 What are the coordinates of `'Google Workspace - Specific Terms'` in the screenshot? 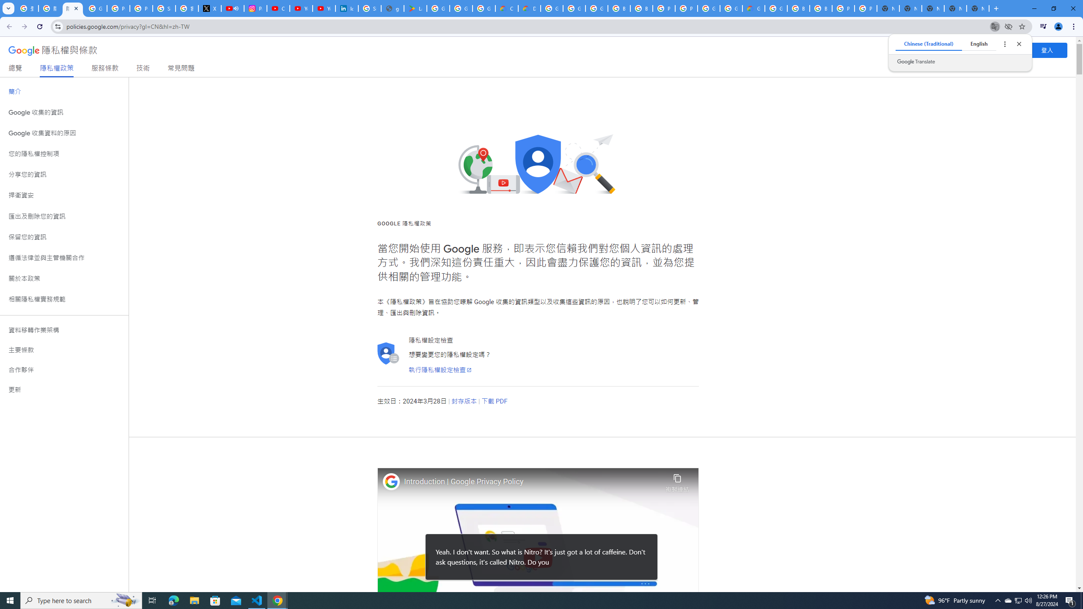 It's located at (461, 8).